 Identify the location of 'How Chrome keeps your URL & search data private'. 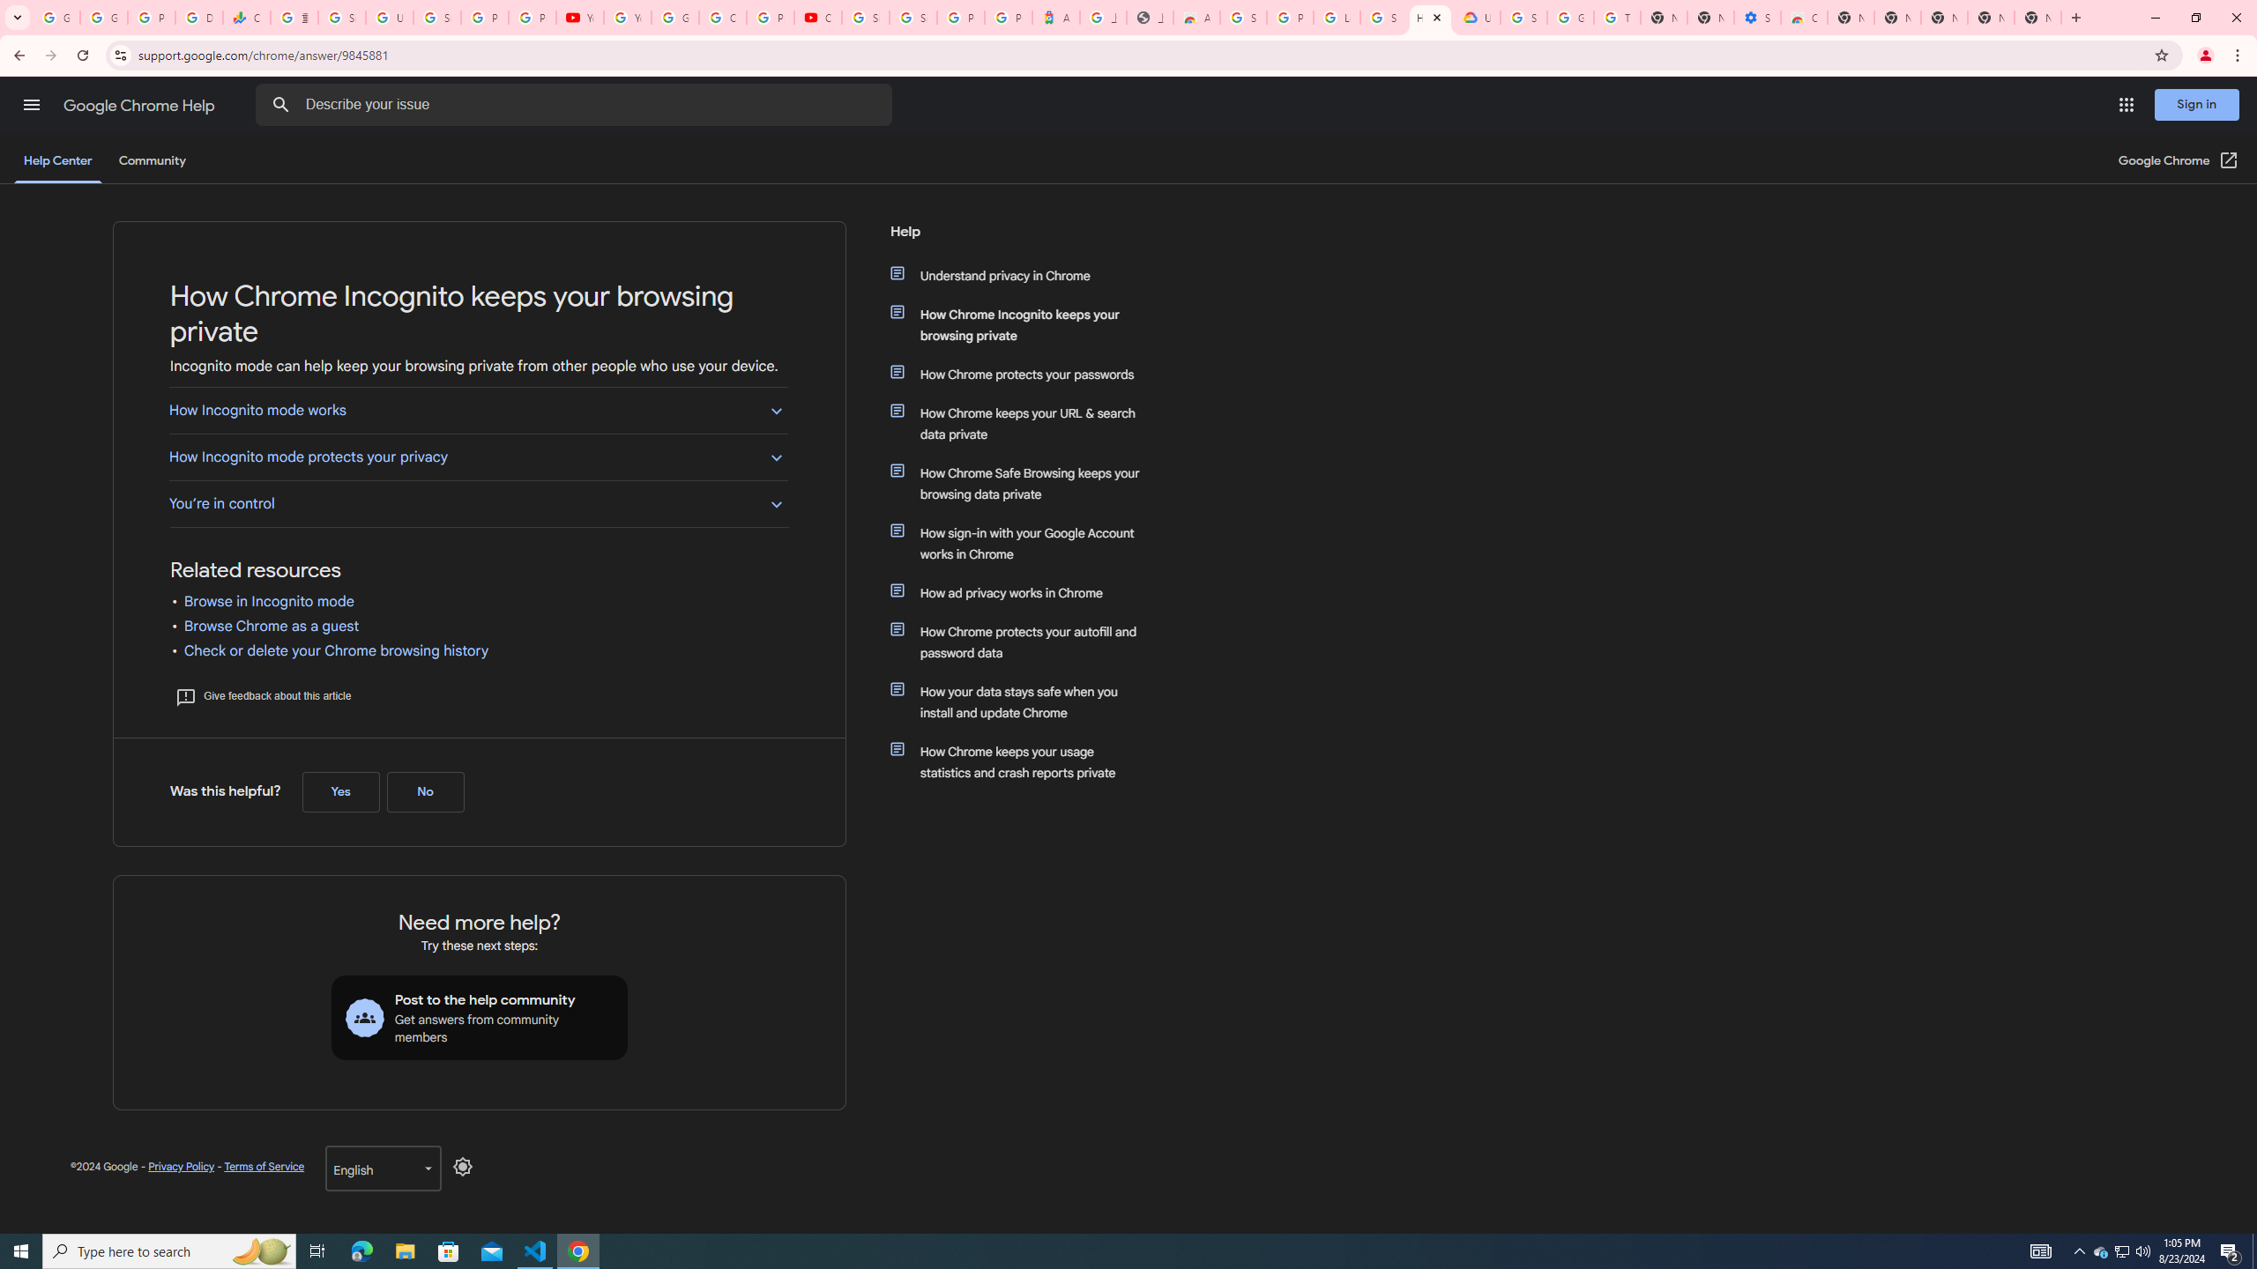
(1024, 422).